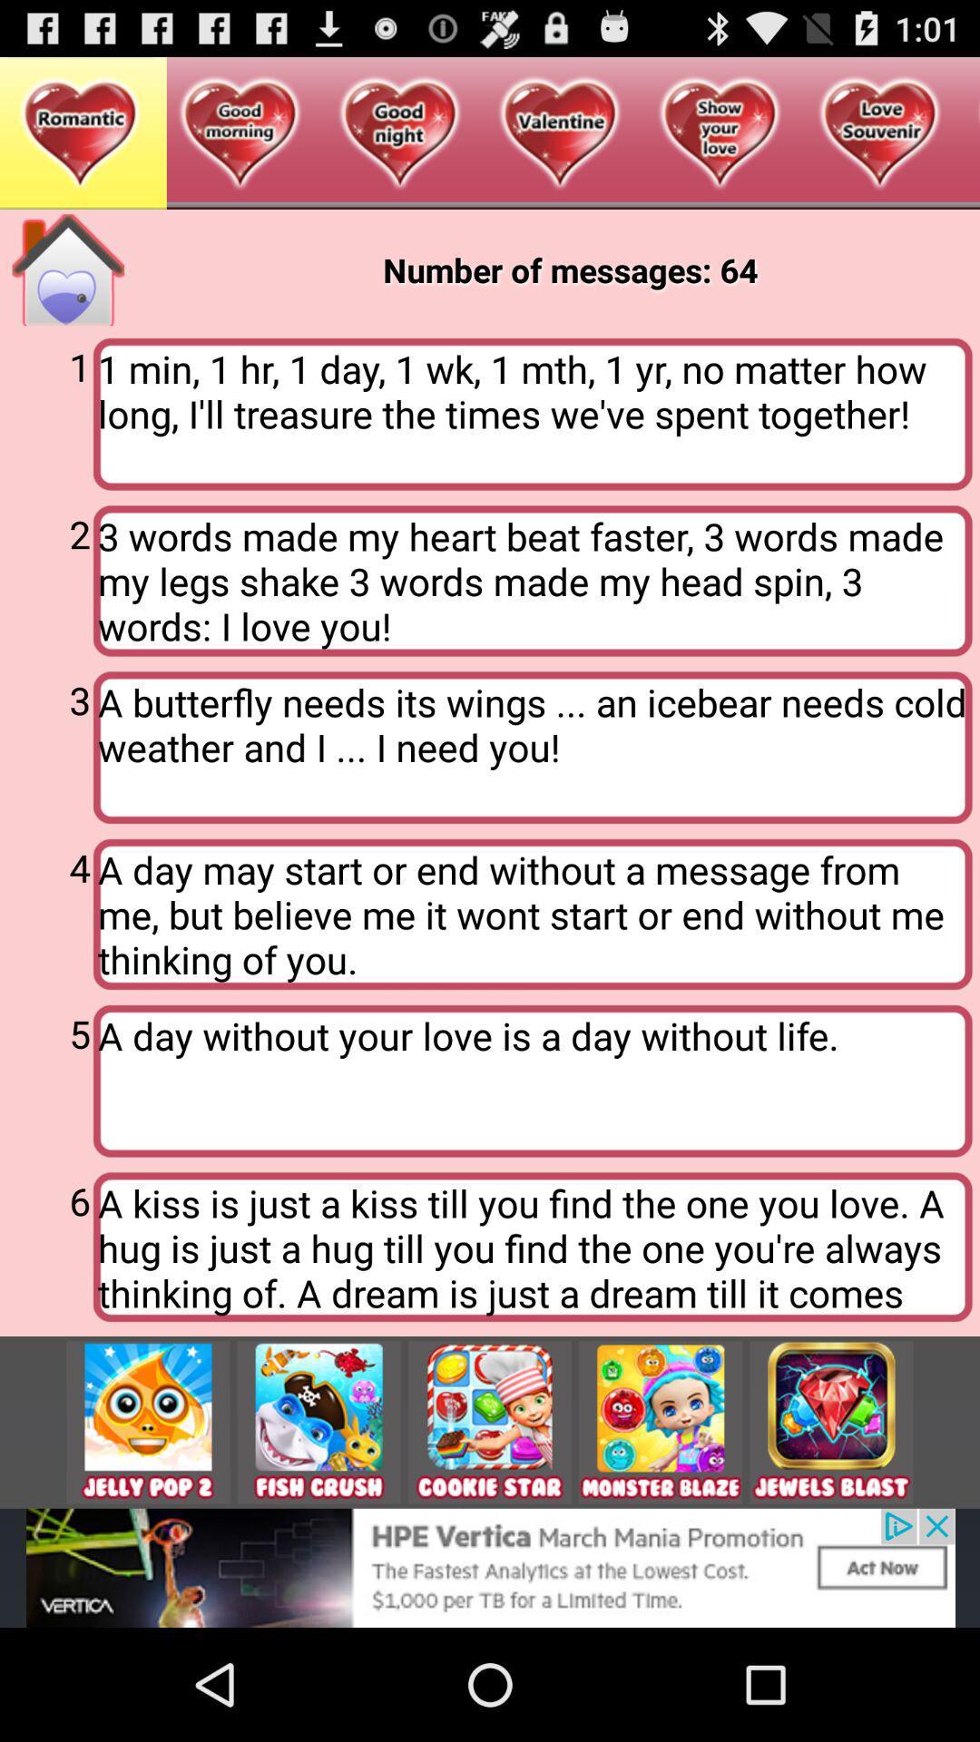 This screenshot has height=1742, width=980. Describe the element at coordinates (490, 1422) in the screenshot. I see `the image cookie star` at that location.